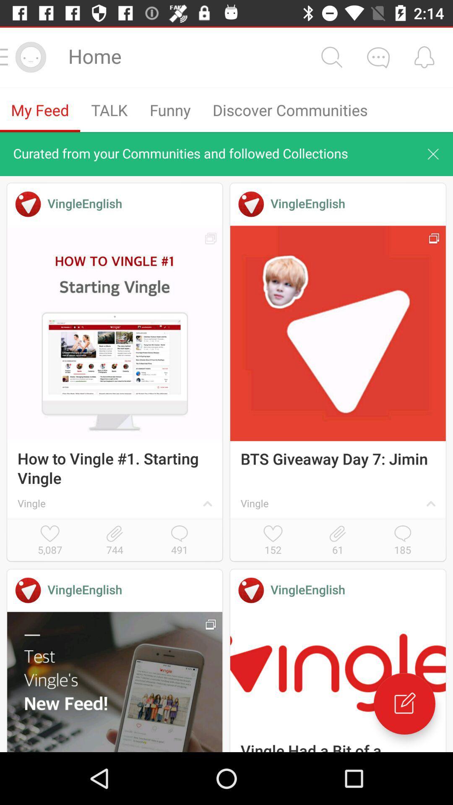 The image size is (453, 805). What do you see at coordinates (404, 704) in the screenshot?
I see `edit` at bounding box center [404, 704].